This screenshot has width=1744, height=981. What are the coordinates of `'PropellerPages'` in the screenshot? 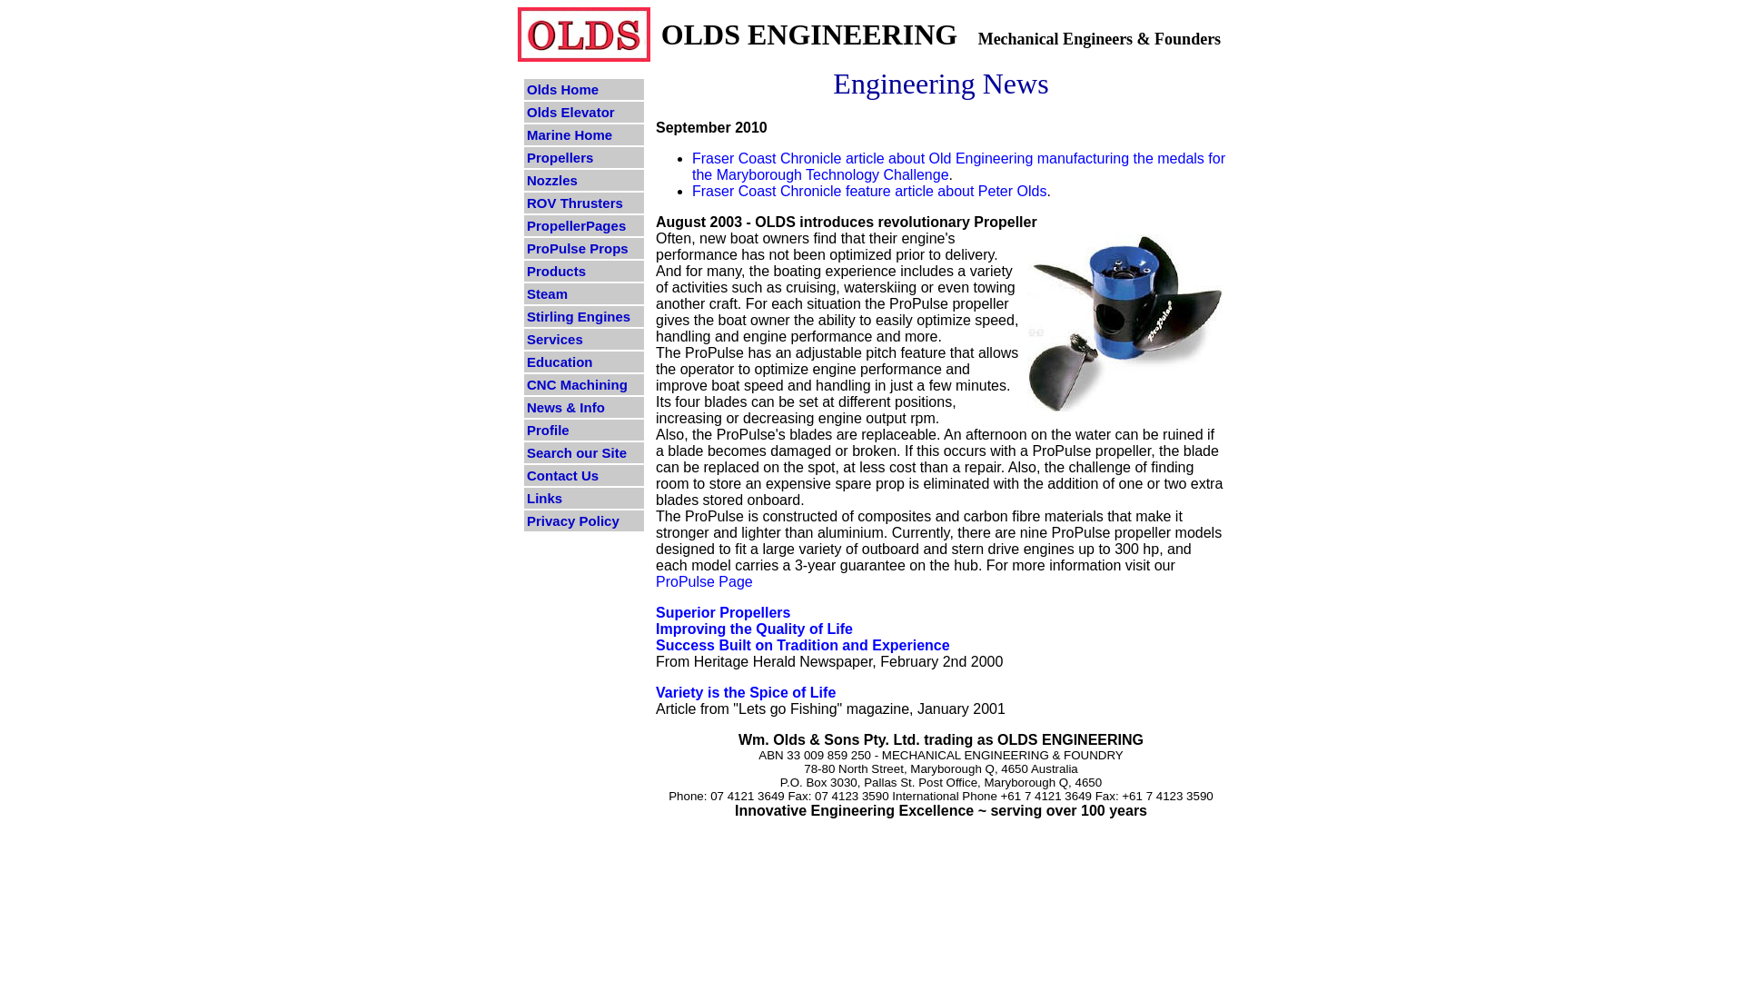 It's located at (584, 224).